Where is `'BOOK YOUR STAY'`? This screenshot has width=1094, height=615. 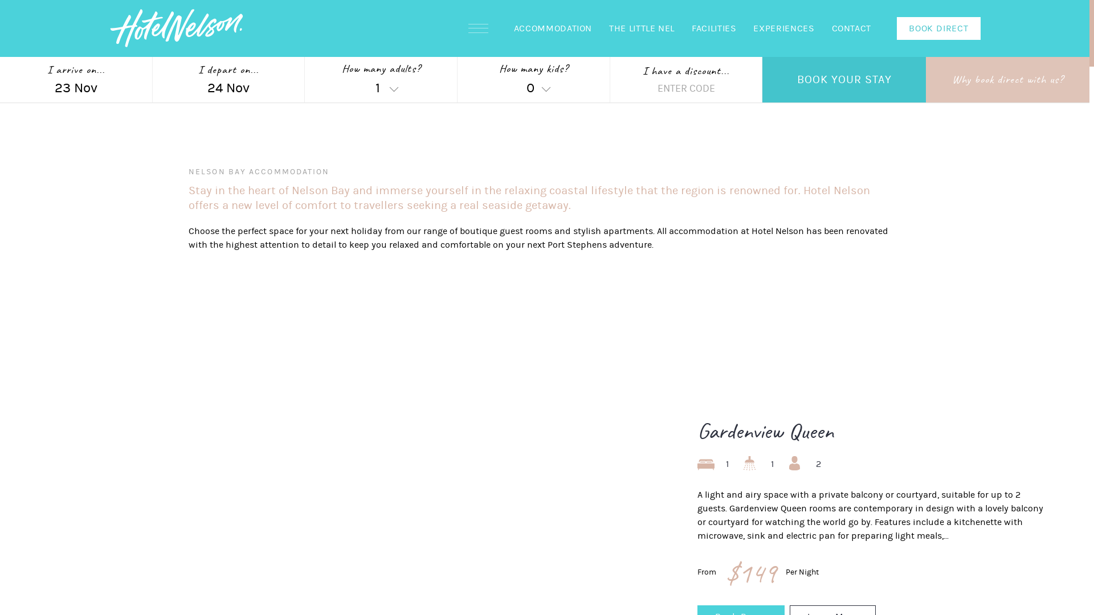 'BOOK YOUR STAY' is located at coordinates (844, 79).